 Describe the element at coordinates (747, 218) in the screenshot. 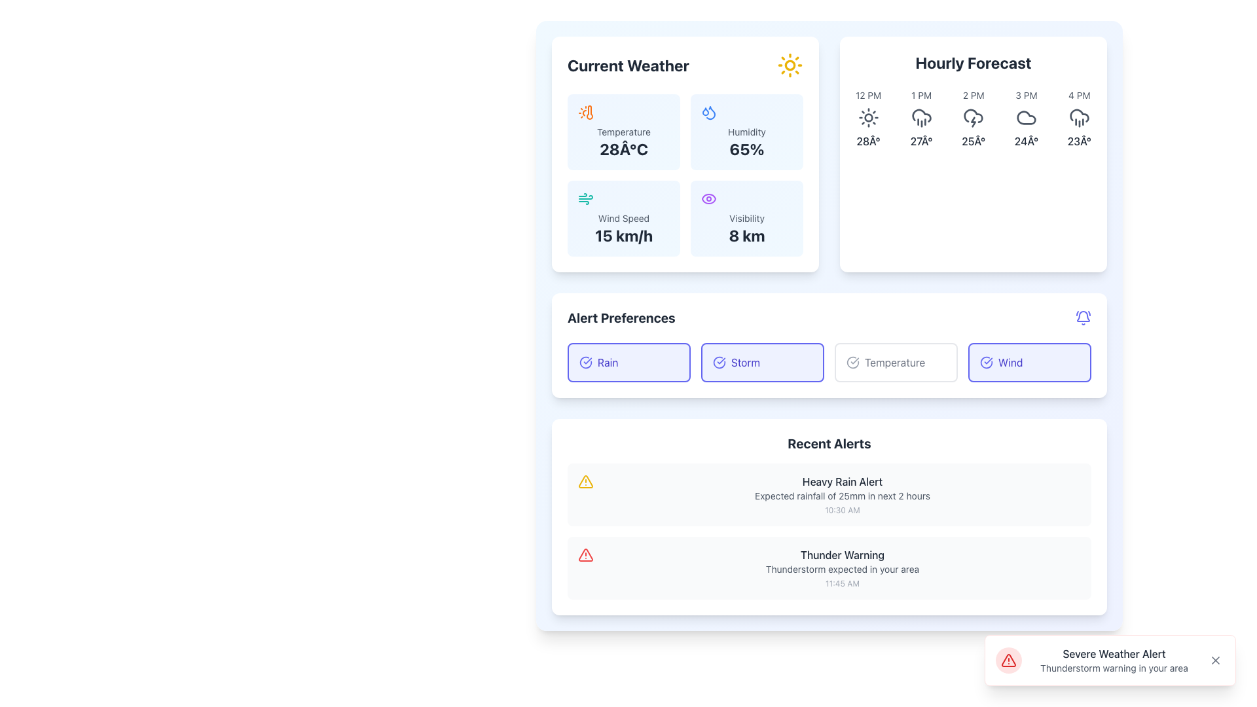

I see `the 'Visibility' label, which is a smaller gray text element located in the bottom-left quadrant of the 'Current Weather' panel, specifically above the '8 km' text in the weather summary box` at that location.